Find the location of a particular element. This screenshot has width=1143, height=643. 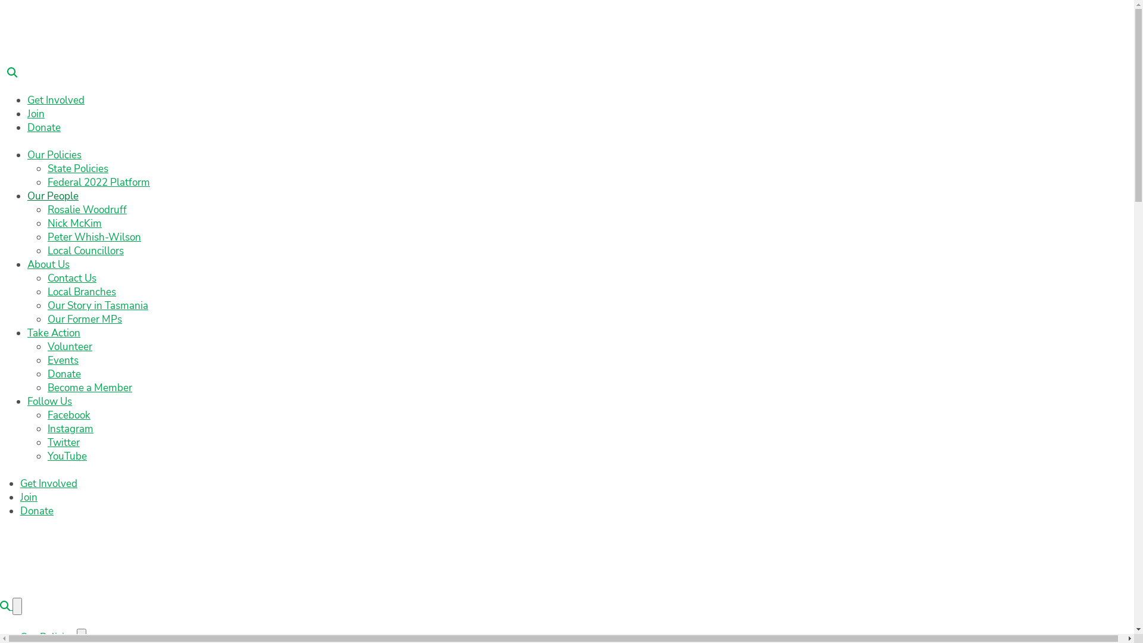

'Nick McKim' is located at coordinates (74, 223).